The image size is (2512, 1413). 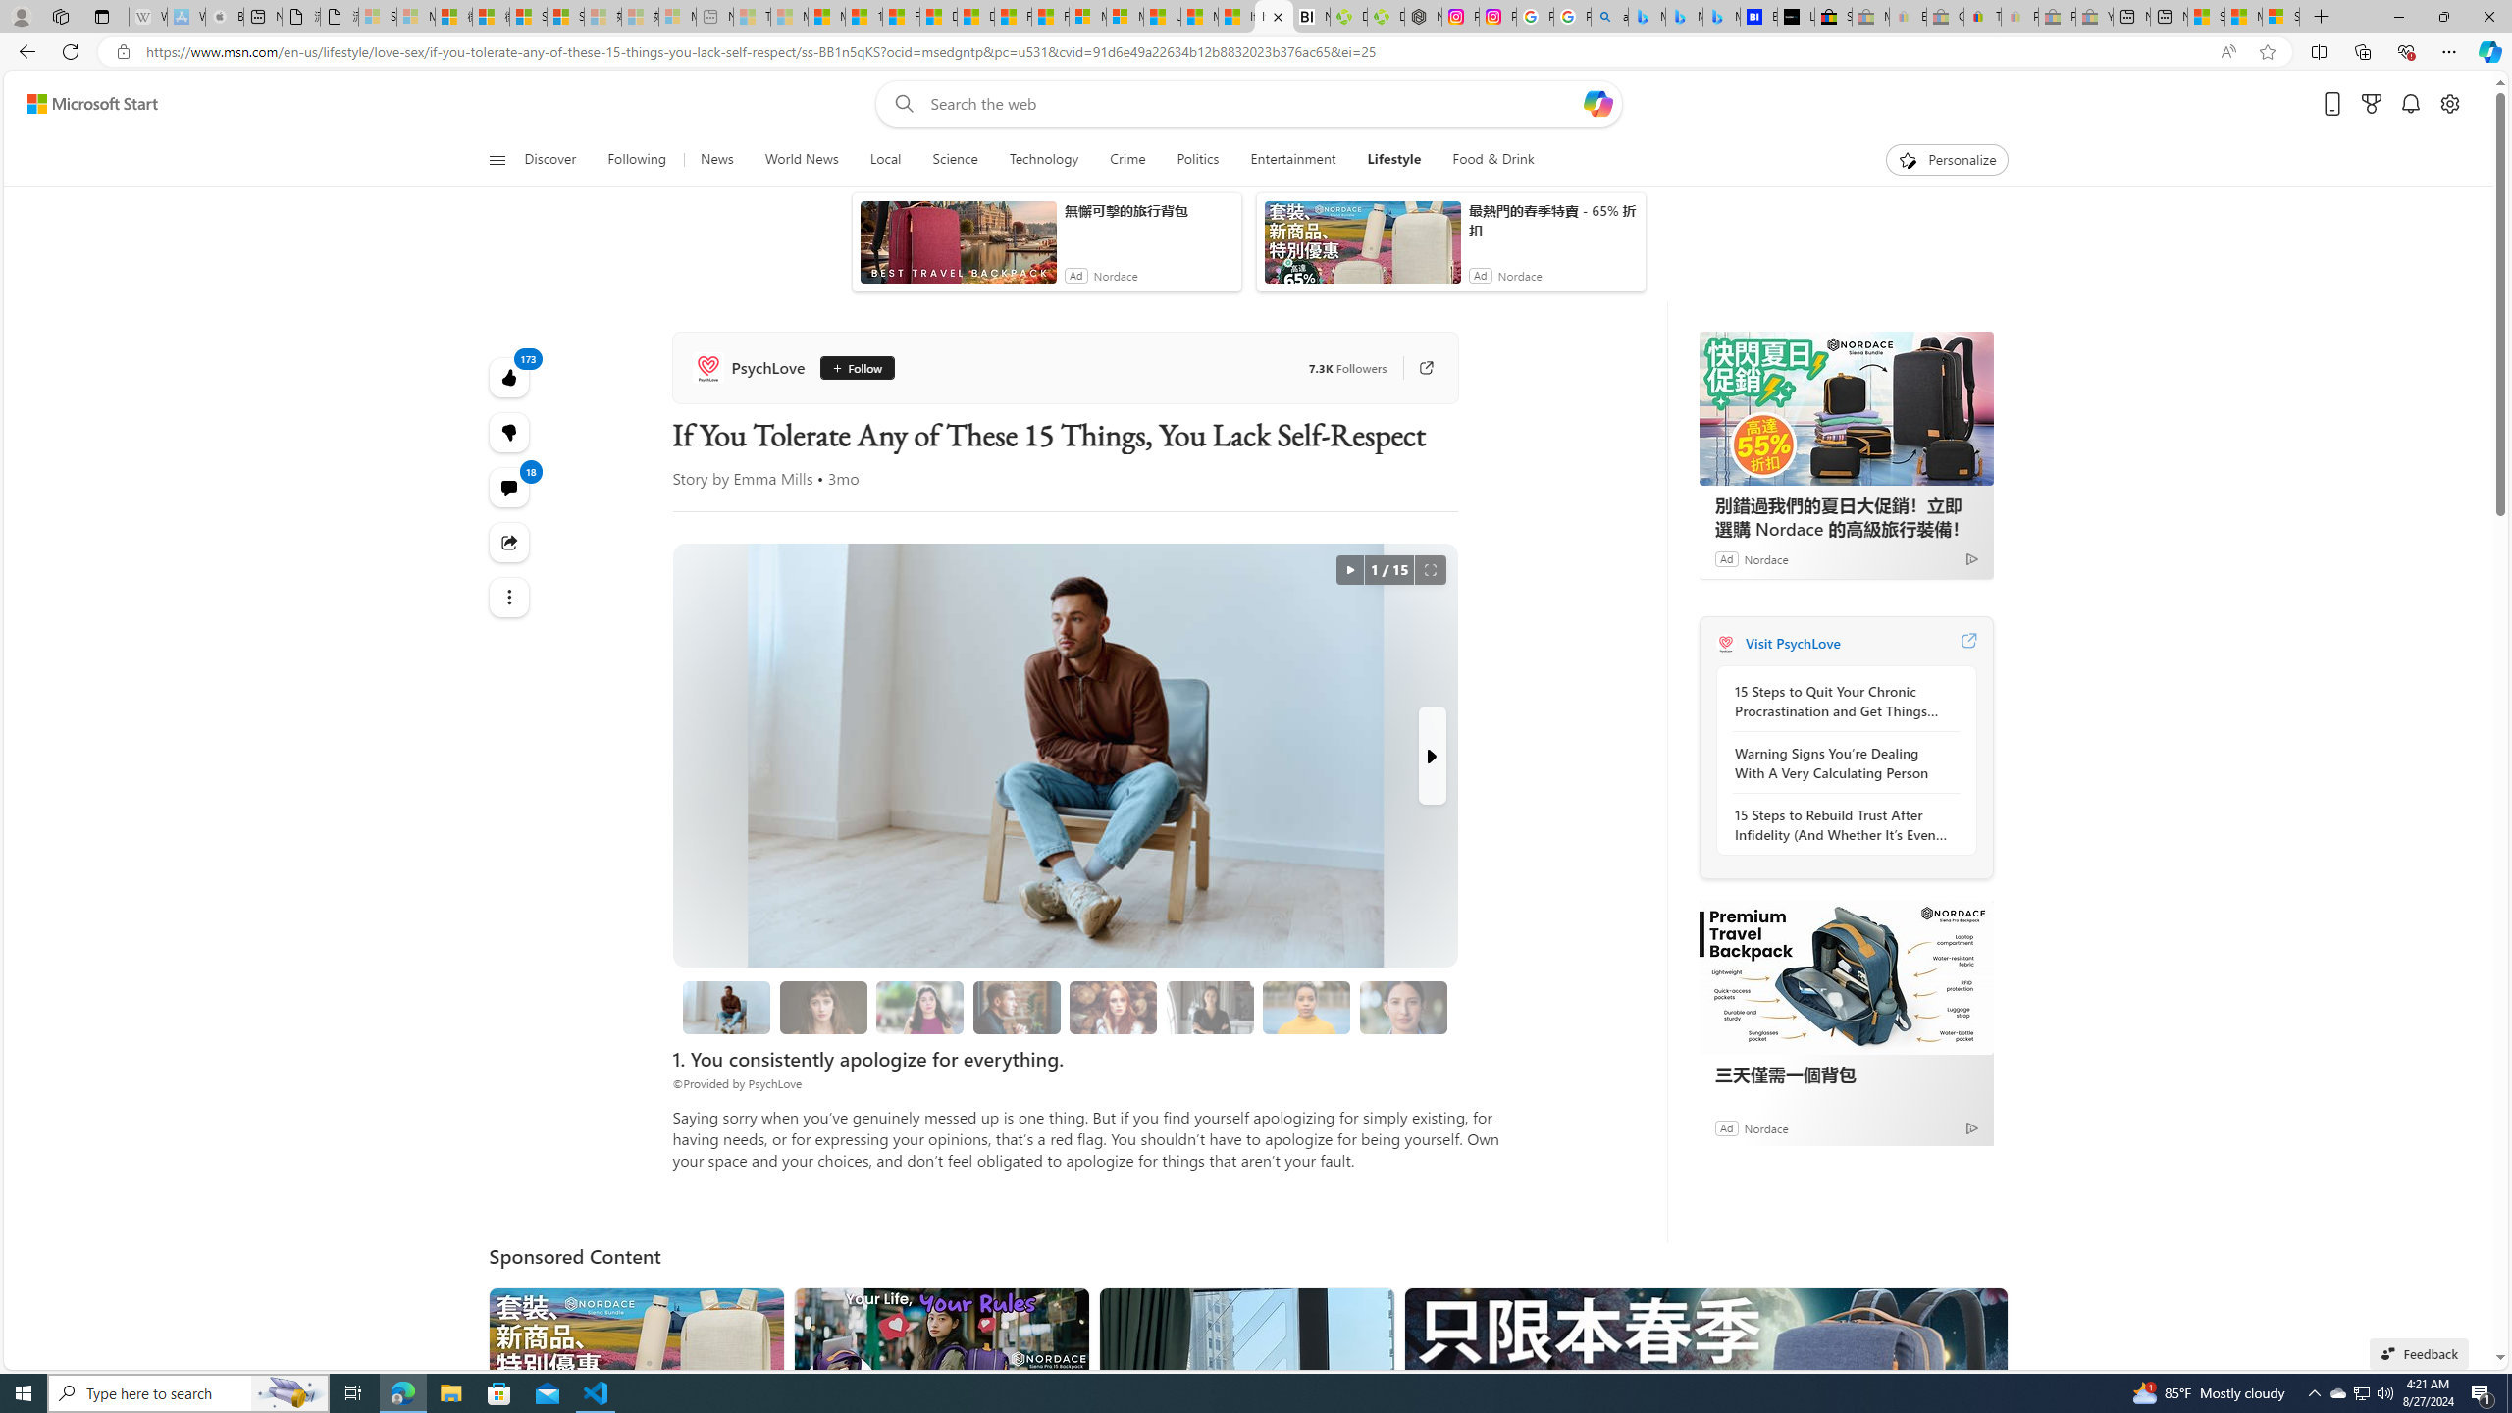 I want to click on 'Next Slide', so click(x=1432, y=755).